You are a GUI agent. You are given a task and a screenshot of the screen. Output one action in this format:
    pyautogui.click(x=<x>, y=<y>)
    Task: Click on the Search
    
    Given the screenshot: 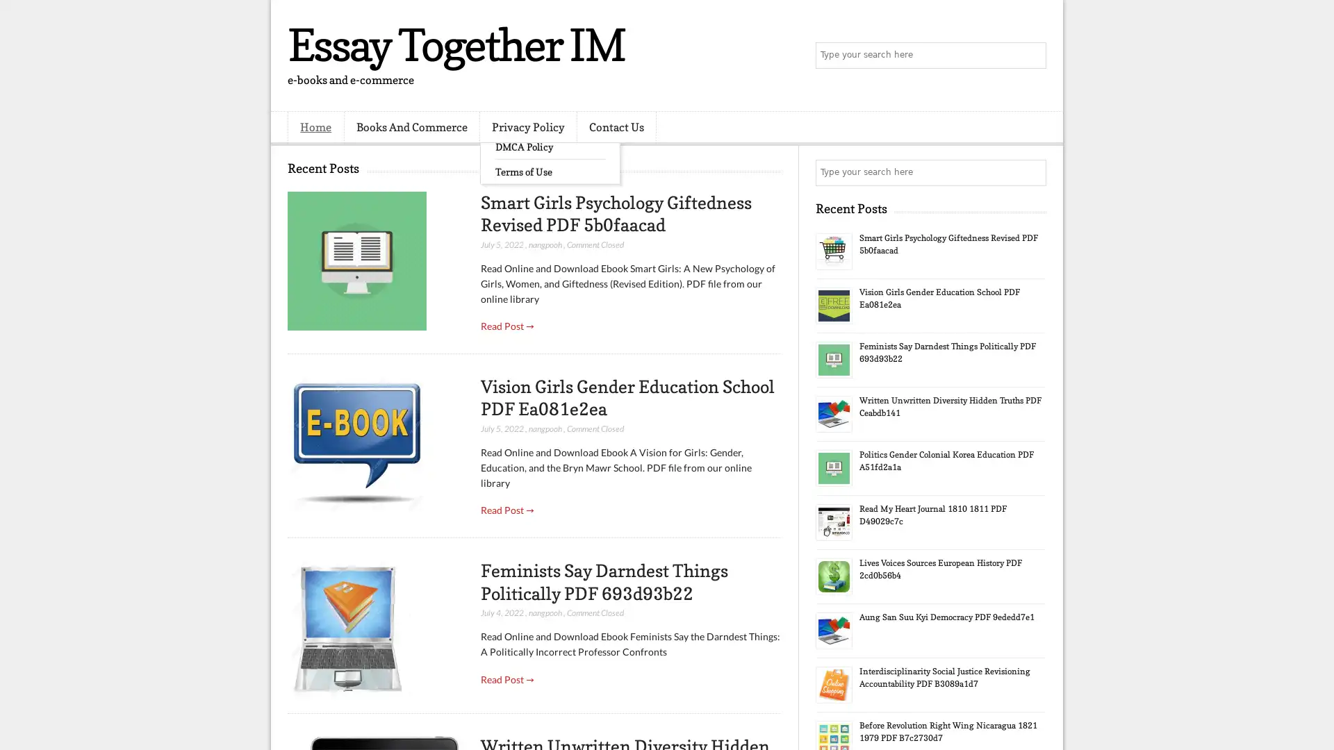 What is the action you would take?
    pyautogui.click(x=1032, y=172)
    